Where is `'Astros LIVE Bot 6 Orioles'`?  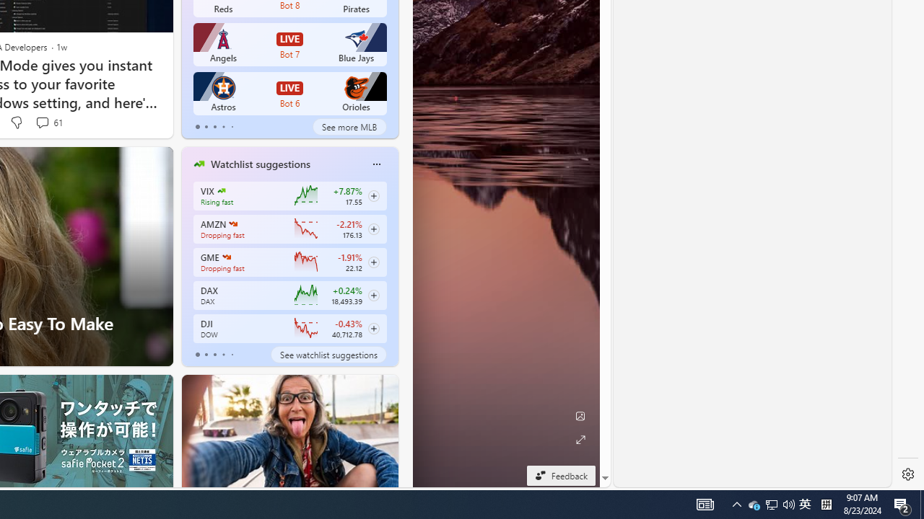 'Astros LIVE Bot 6 Orioles' is located at coordinates (289, 93).